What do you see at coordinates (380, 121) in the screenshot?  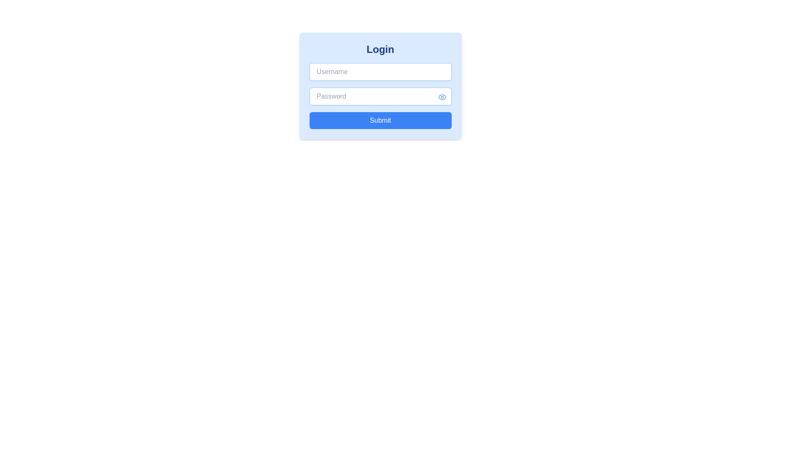 I see `the blue 'Submit' button at the bottom of the login form` at bounding box center [380, 121].